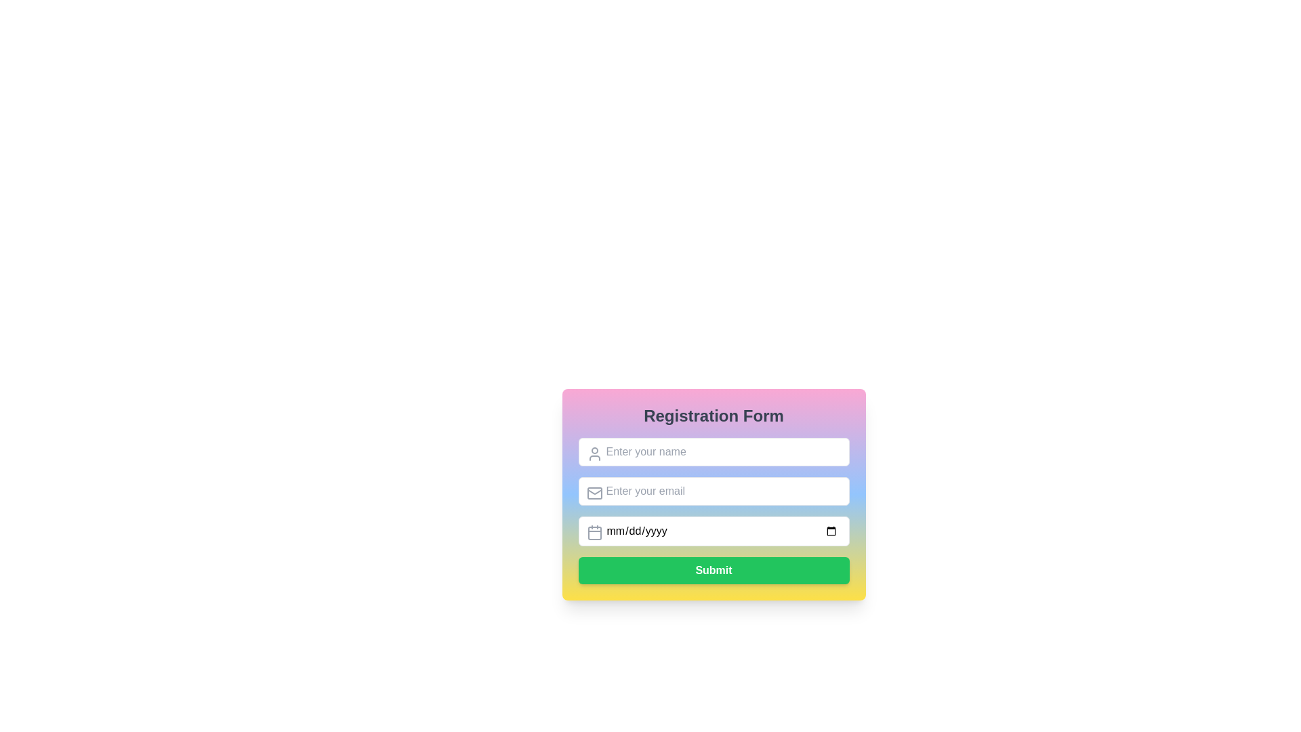  Describe the element at coordinates (594, 532) in the screenshot. I see `the date selection icon located to the left of the 'mm/dd/yyyy' input field, which visually indicates the date input functionality` at that location.